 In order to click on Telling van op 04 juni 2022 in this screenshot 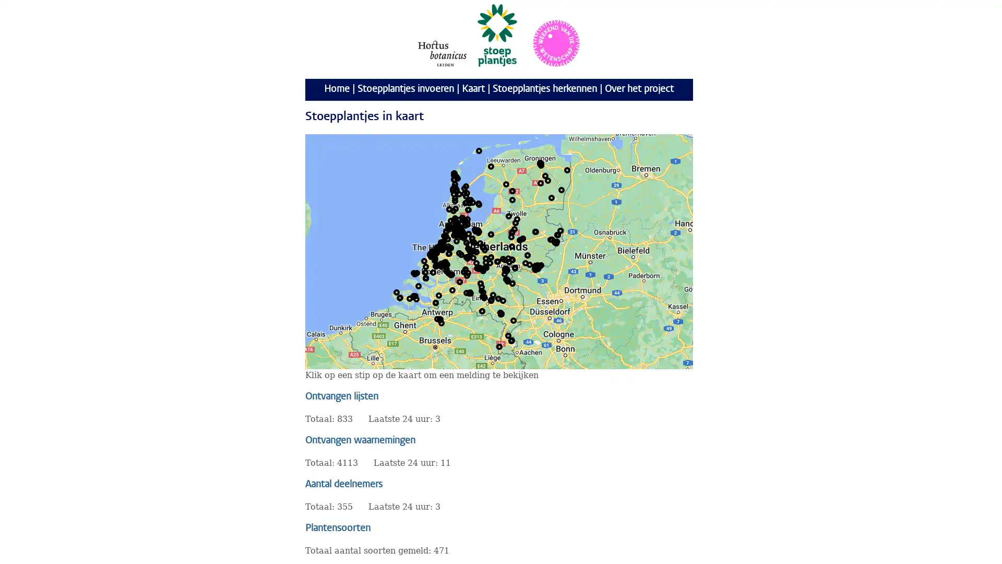, I will do `click(463, 236)`.